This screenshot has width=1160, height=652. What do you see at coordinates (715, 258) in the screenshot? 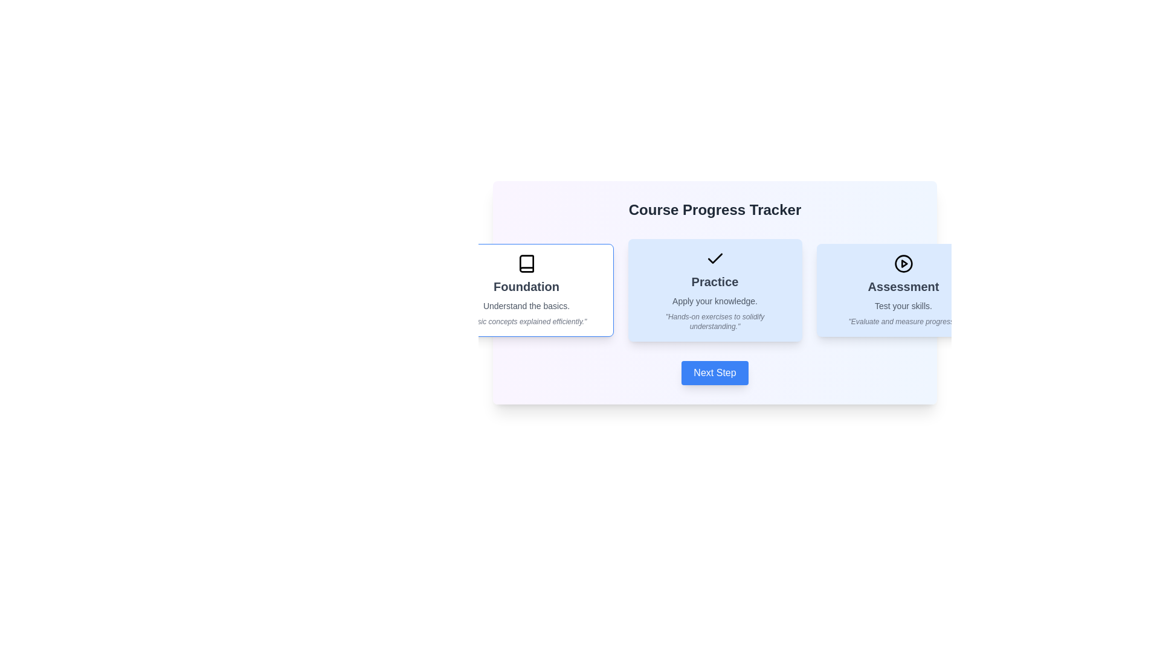
I see `the checkmark icon with a black stroke on a blue background, located at the top center of the second card labeled 'Practice'` at bounding box center [715, 258].